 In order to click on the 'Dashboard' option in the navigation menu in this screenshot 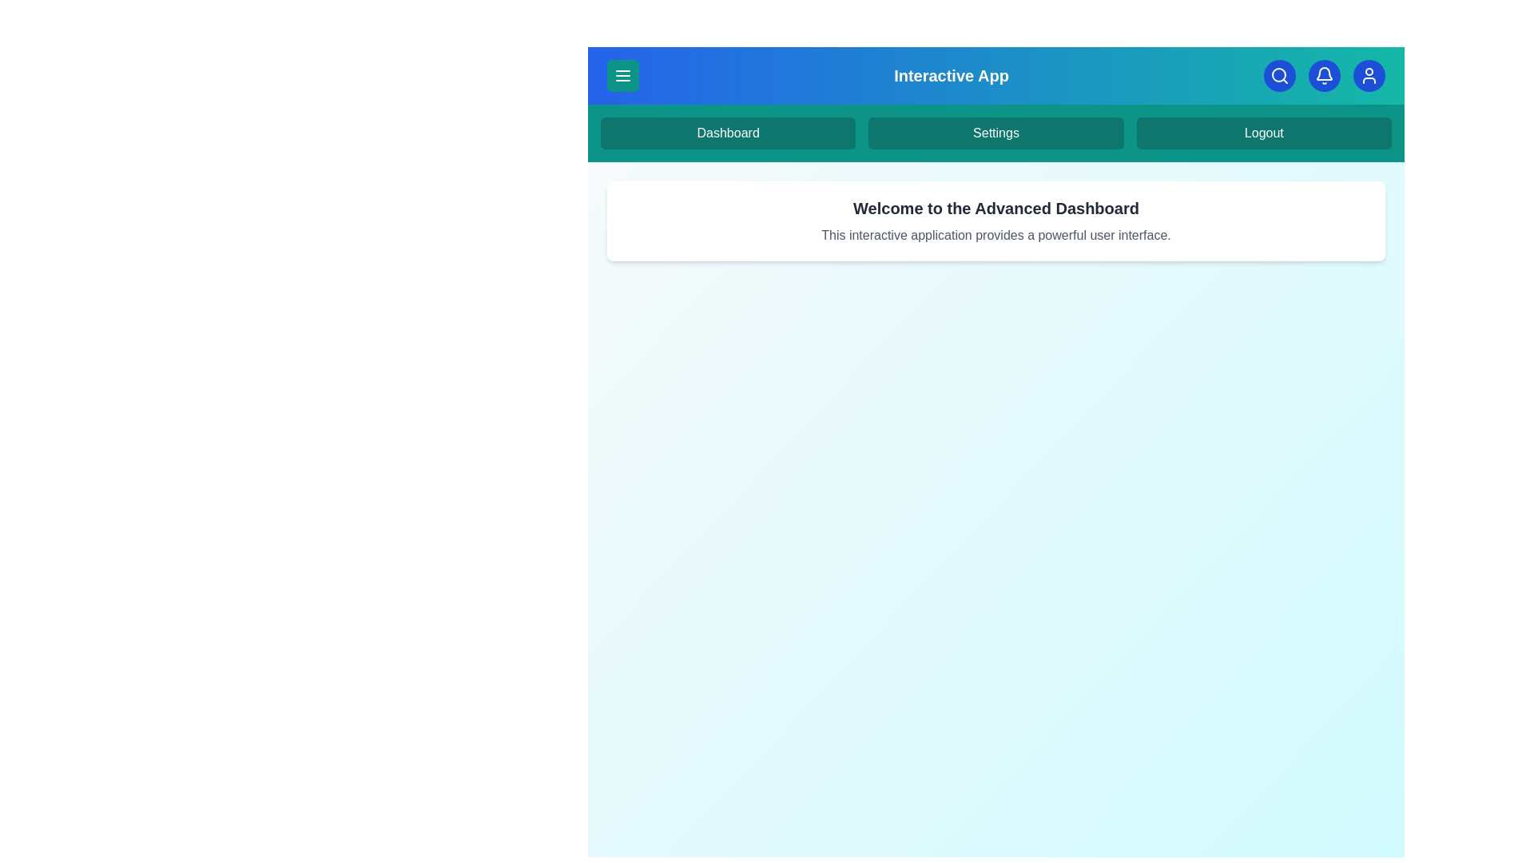, I will do `click(727, 132)`.